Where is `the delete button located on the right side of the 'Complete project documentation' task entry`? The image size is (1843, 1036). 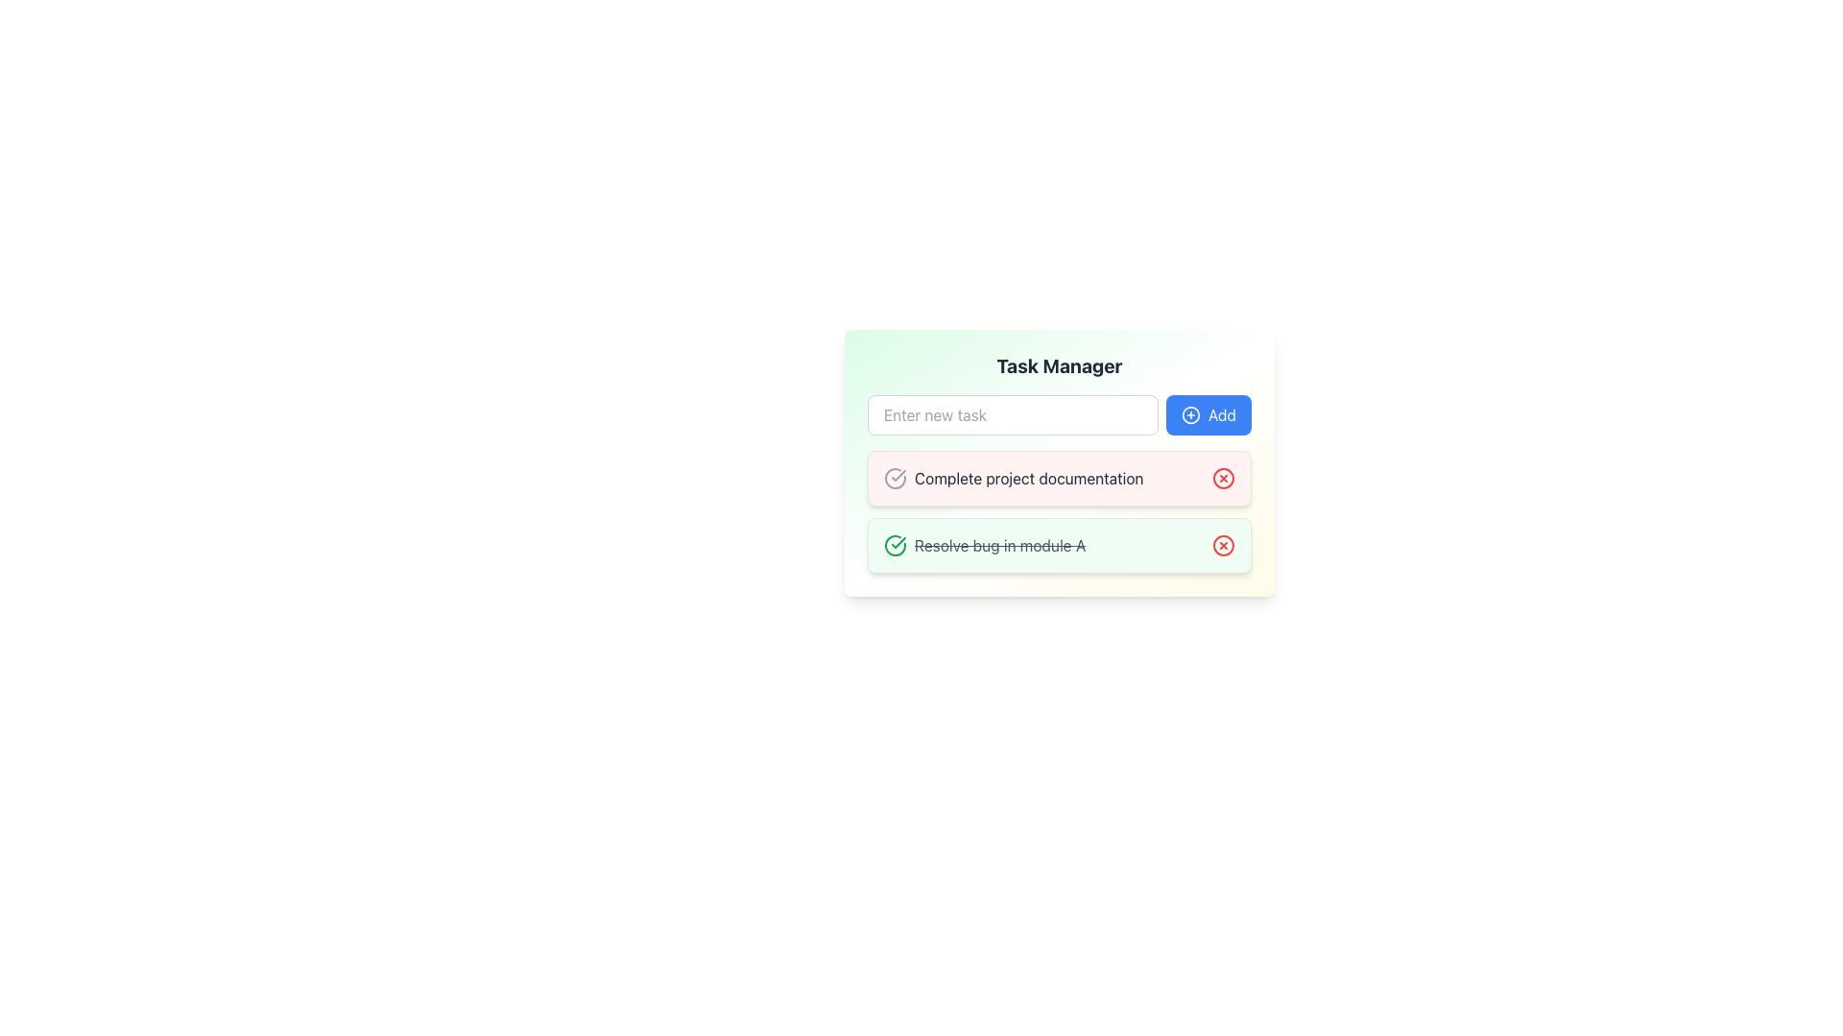 the delete button located on the right side of the 'Complete project documentation' task entry is located at coordinates (1223, 477).